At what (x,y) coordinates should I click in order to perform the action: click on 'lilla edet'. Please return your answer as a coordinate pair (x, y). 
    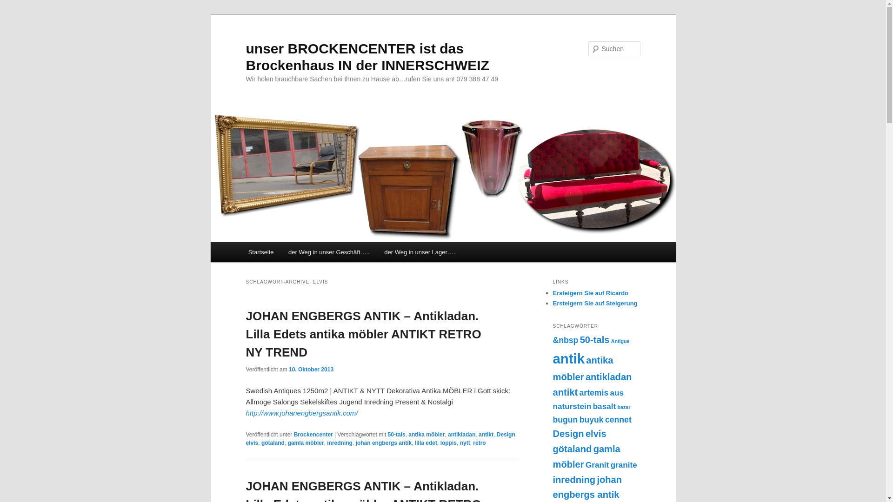
    Looking at the image, I should click on (414, 442).